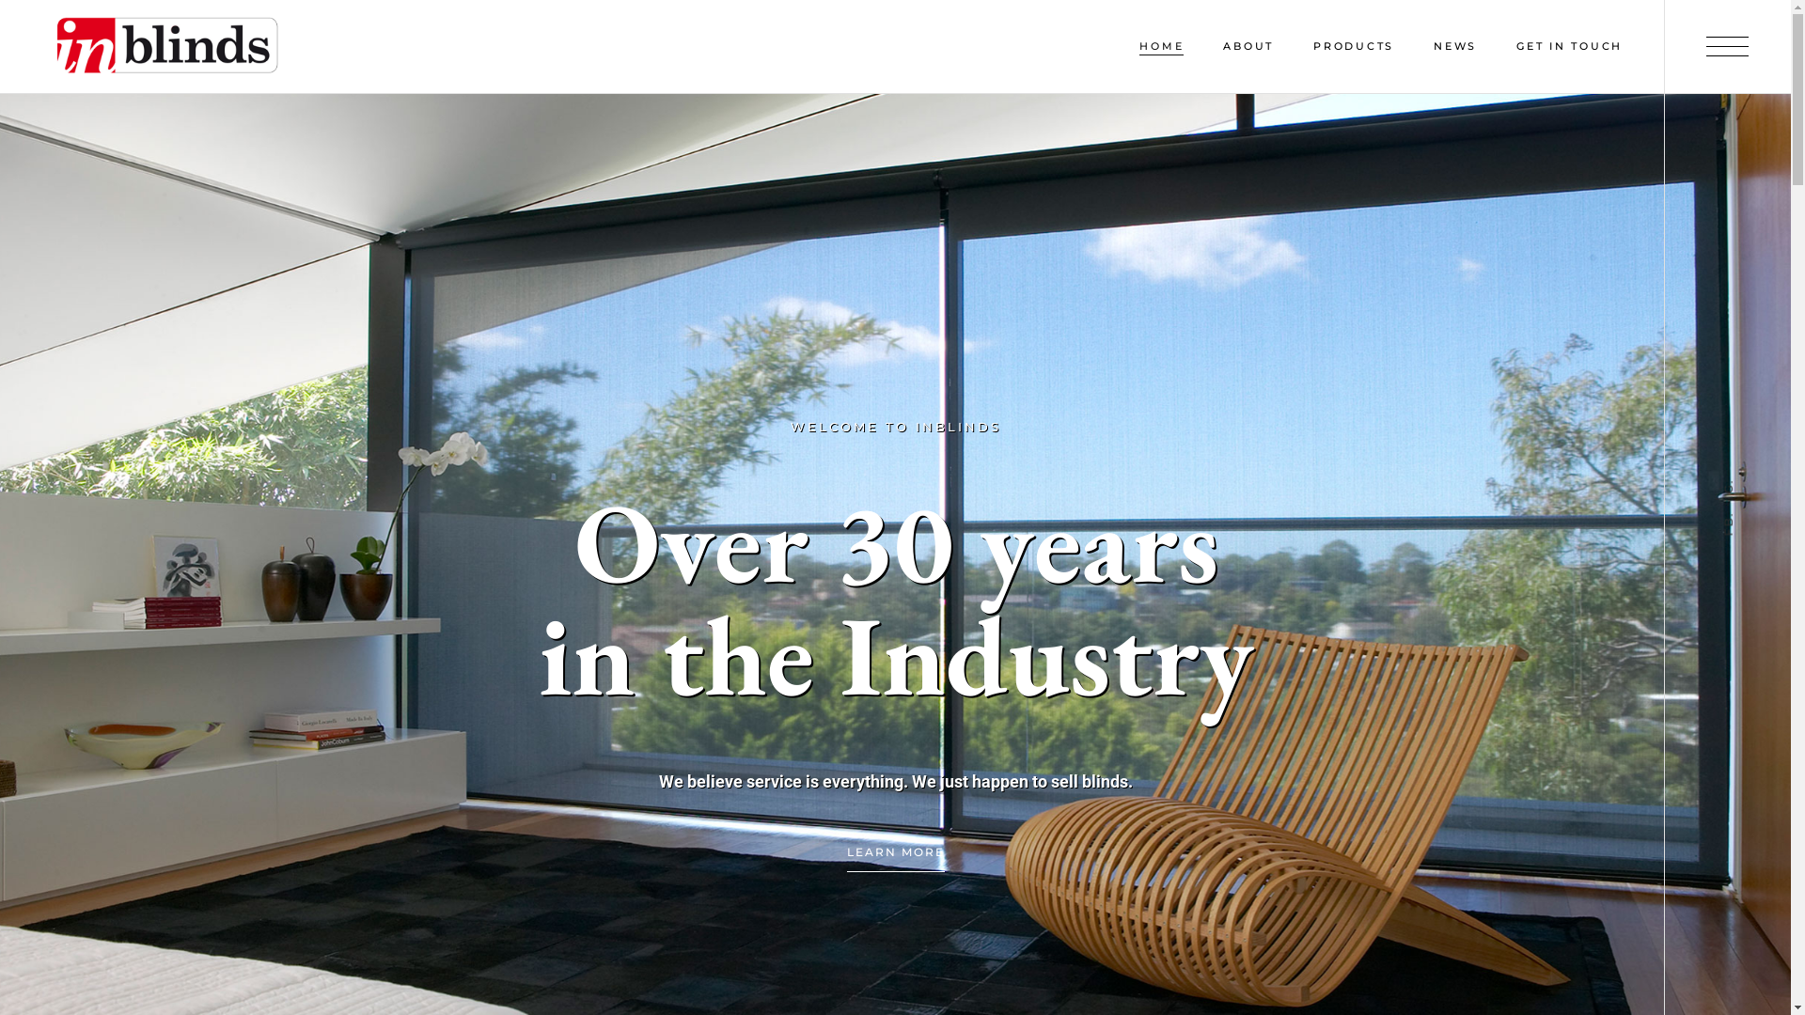 Image resolution: width=1805 pixels, height=1015 pixels. What do you see at coordinates (1734, 518) in the screenshot?
I see `'FB.'` at bounding box center [1734, 518].